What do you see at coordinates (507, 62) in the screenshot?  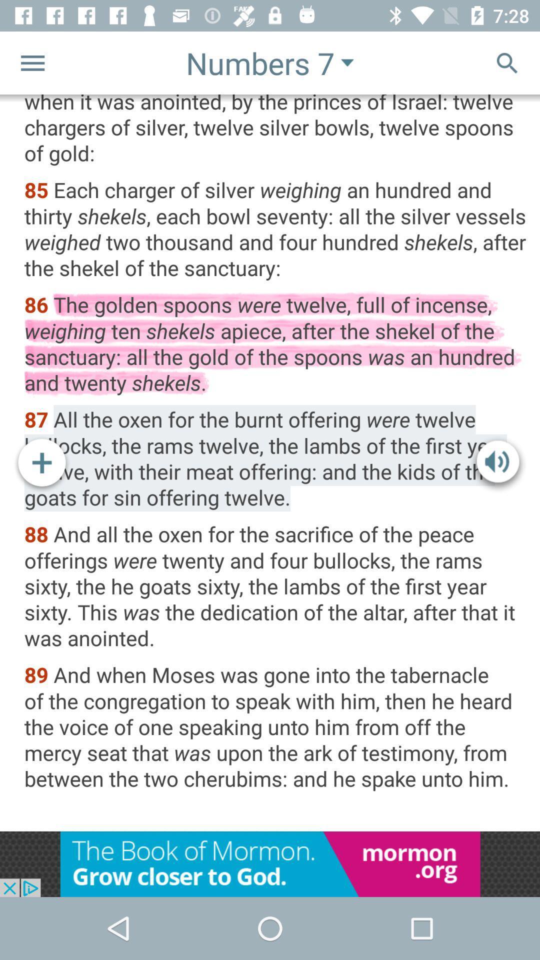 I see `the search icon` at bounding box center [507, 62].